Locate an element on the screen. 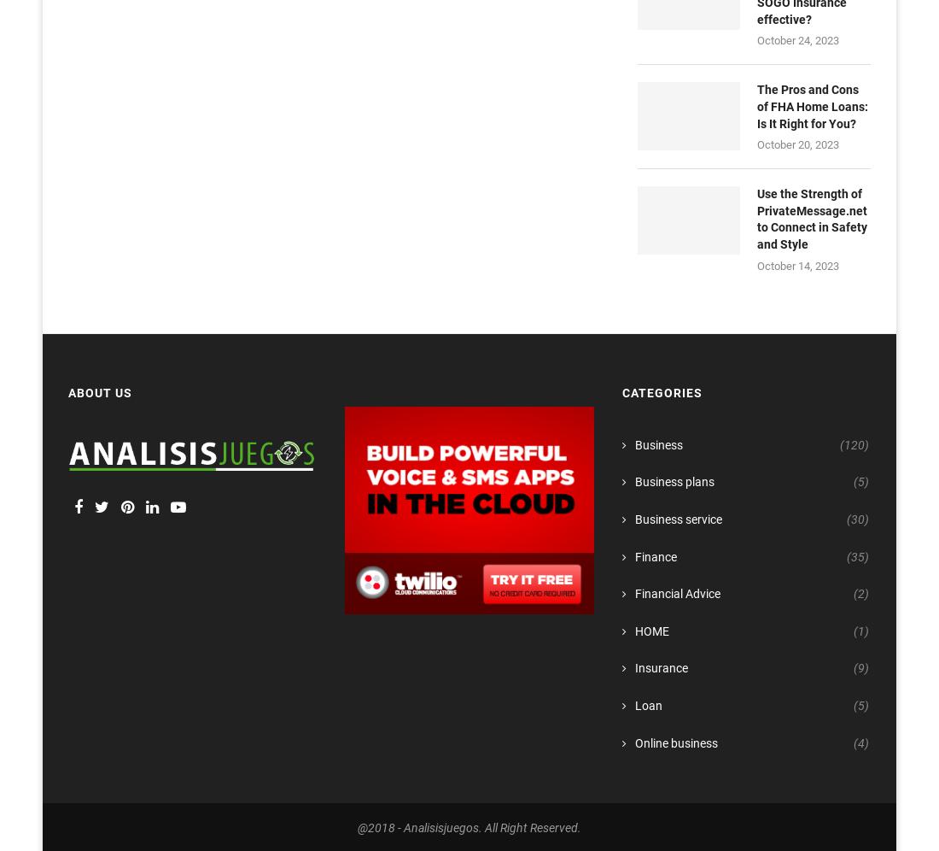 This screenshot has width=939, height=851. 'Business plans' is located at coordinates (674, 481).